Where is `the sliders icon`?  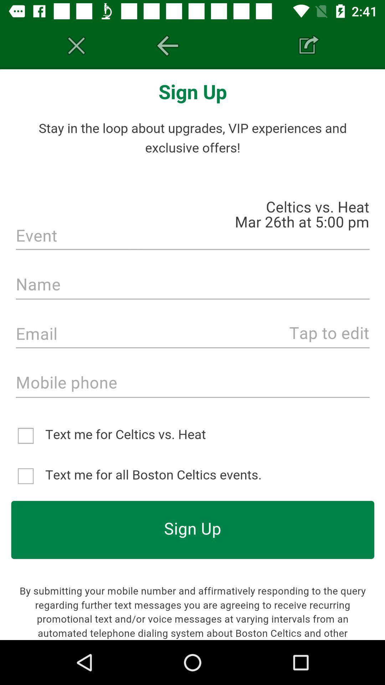
the sliders icon is located at coordinates (76, 45).